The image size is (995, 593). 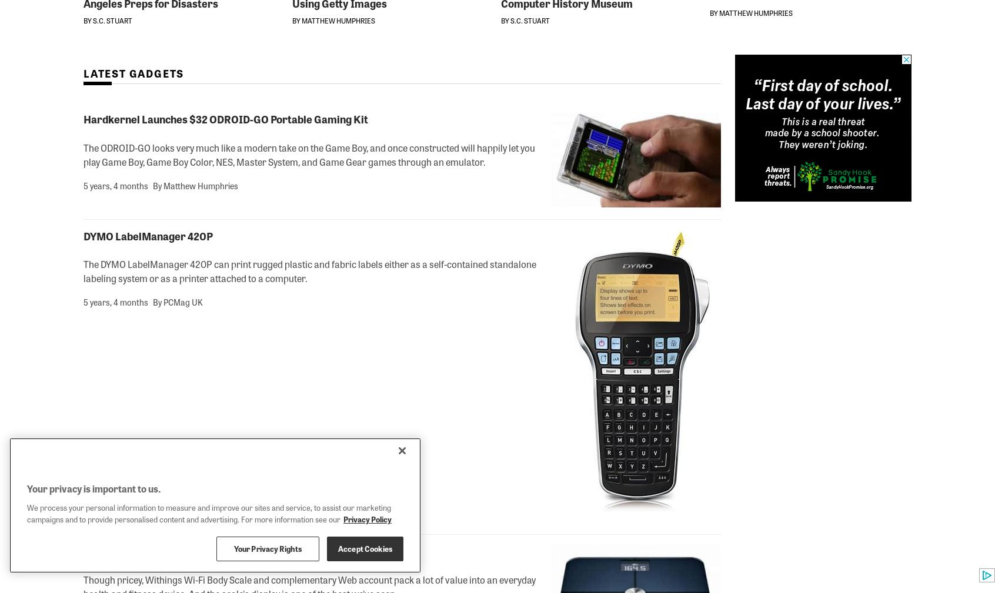 What do you see at coordinates (226, 118) in the screenshot?
I see `'Hardkernel Launches $32 ODROID-GO Portable Gaming Kit'` at bounding box center [226, 118].